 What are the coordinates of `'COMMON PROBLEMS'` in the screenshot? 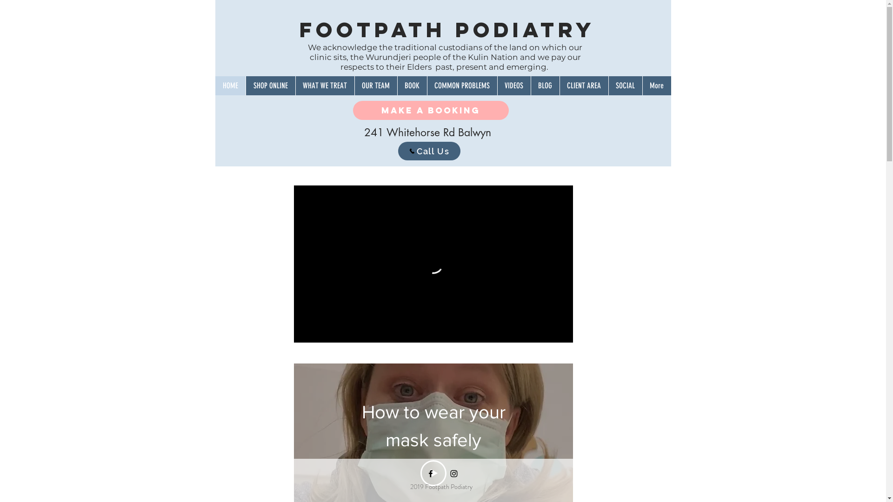 It's located at (462, 86).